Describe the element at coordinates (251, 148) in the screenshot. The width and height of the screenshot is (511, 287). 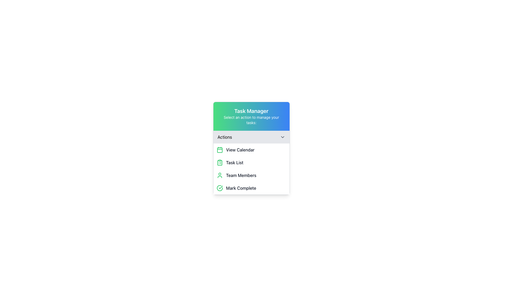
I see `the list items within the 'Task Manager' UI component, which has a white background and rounded corners` at that location.